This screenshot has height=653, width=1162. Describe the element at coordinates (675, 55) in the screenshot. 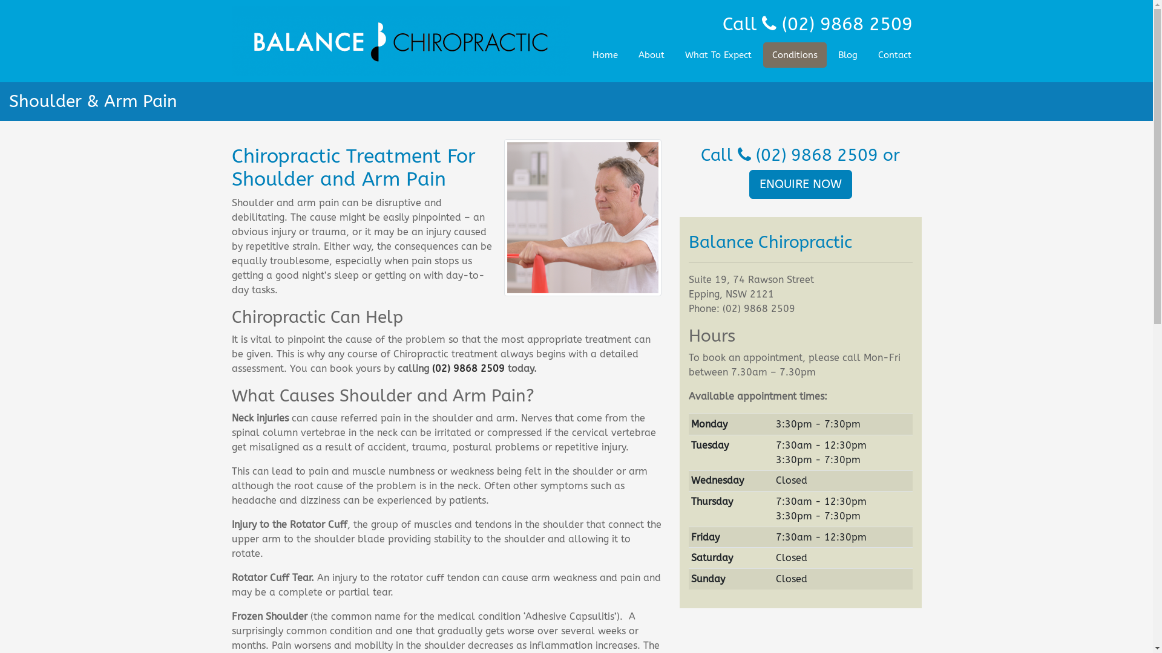

I see `'What To Expect'` at that location.